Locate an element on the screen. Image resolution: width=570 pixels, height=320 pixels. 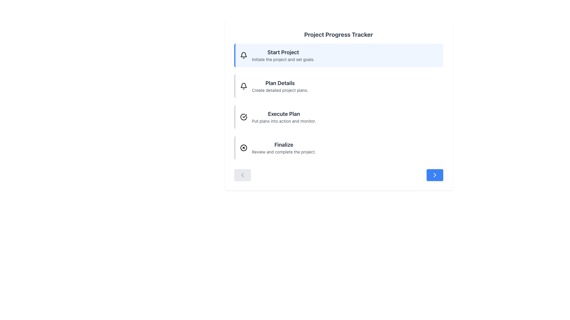
the notification icon located to the left of the 'Start Project' text, which represents notifications or alerts for the section is located at coordinates (243, 55).